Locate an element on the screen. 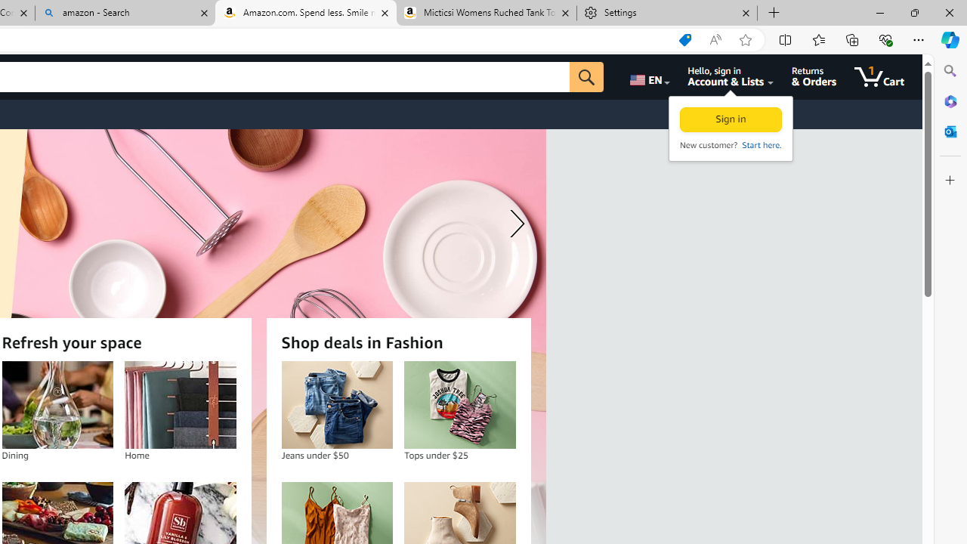  'Settings' is located at coordinates (666, 13).